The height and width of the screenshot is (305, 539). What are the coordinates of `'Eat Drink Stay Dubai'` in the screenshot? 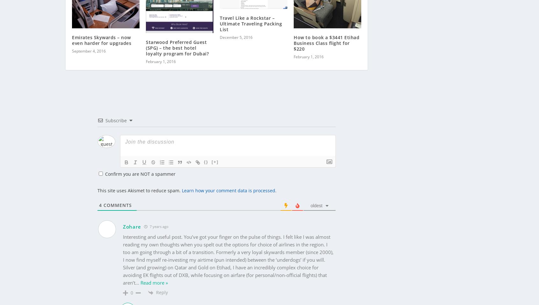 It's located at (167, 299).